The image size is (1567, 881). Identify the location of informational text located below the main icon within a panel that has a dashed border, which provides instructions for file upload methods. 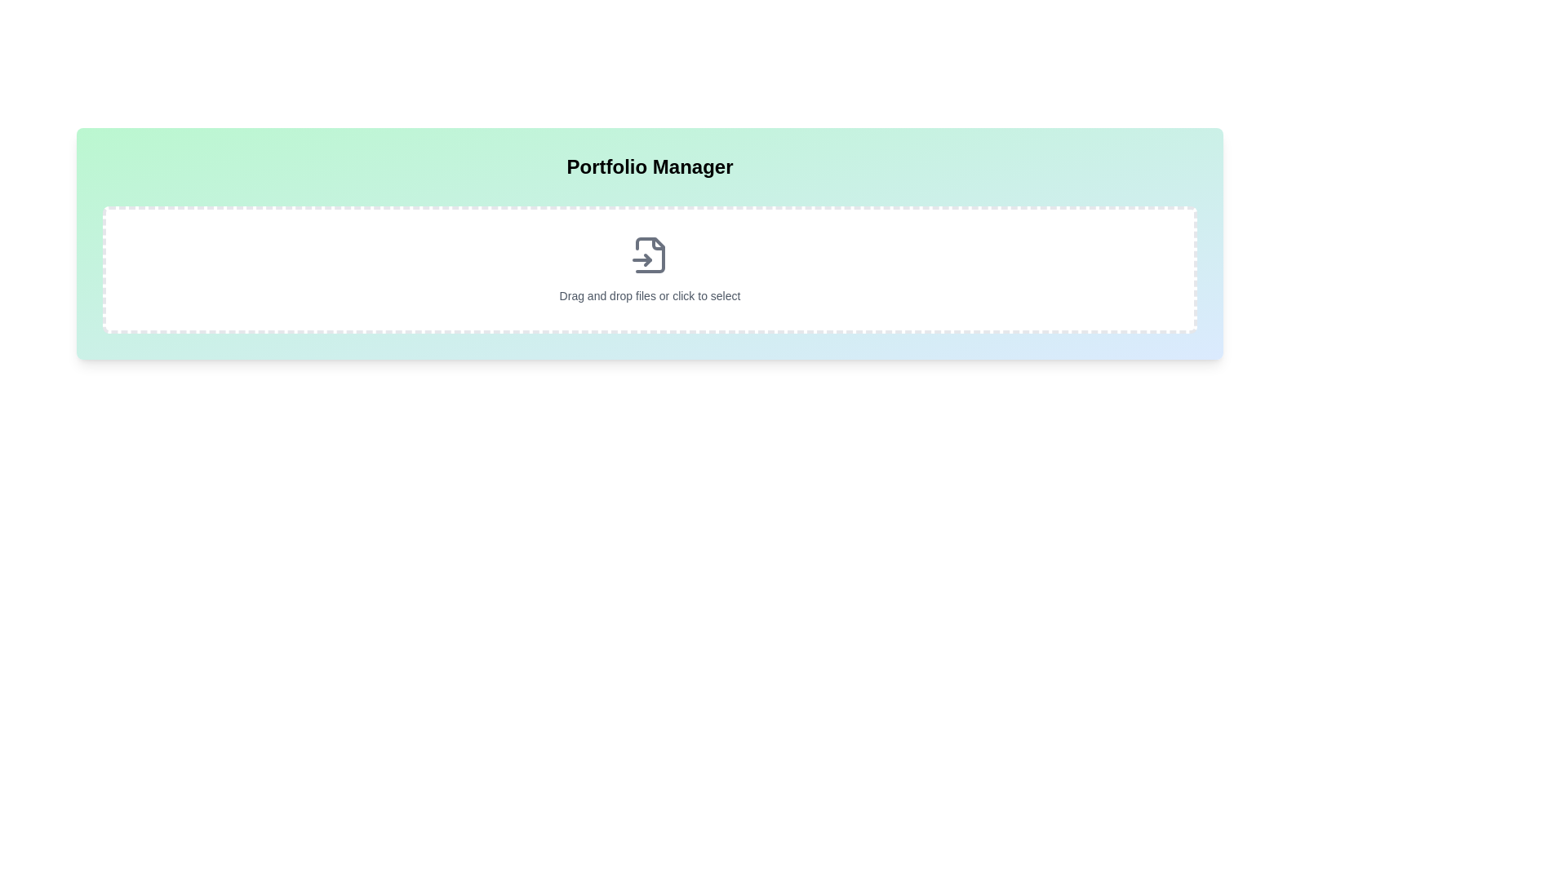
(649, 295).